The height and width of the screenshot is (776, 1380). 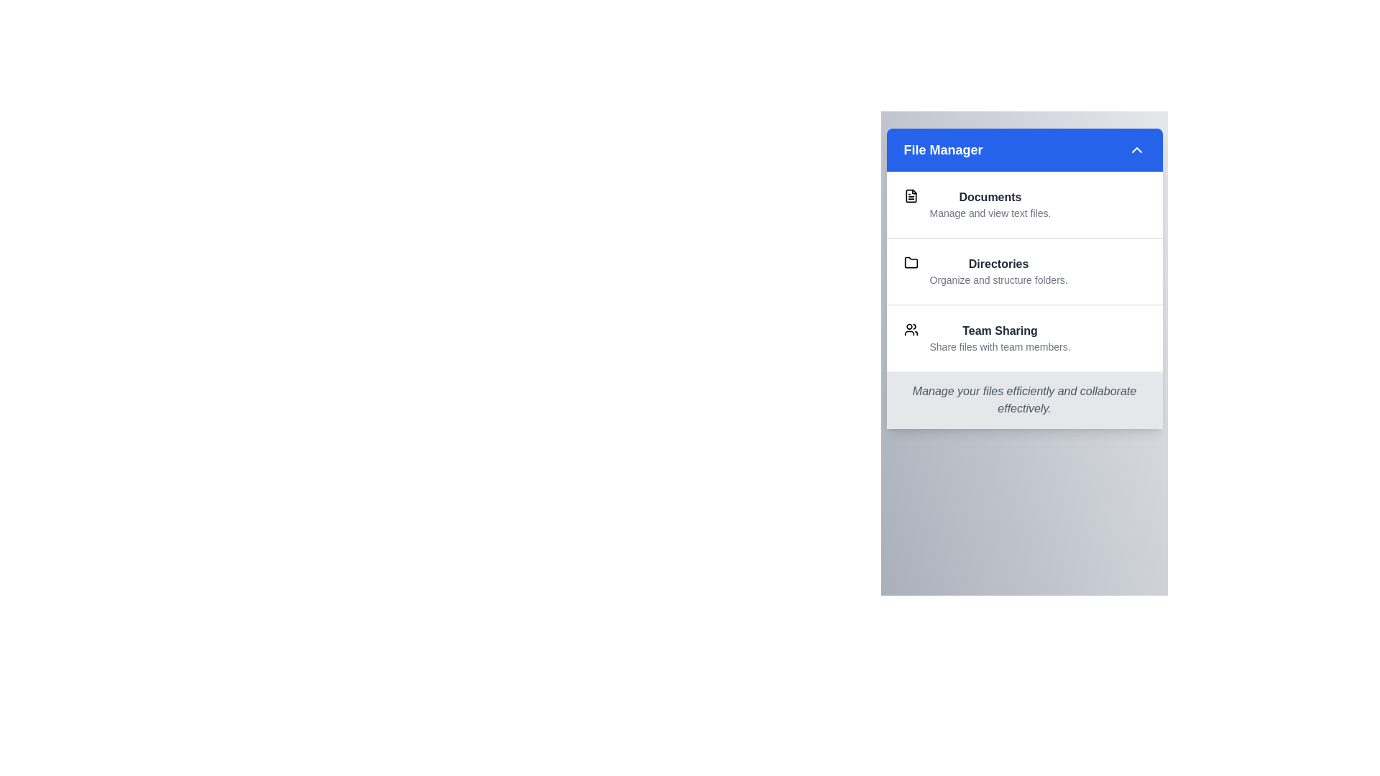 What do you see at coordinates (1023, 338) in the screenshot?
I see `the item labeled 'Team Sharing' to highlight it` at bounding box center [1023, 338].